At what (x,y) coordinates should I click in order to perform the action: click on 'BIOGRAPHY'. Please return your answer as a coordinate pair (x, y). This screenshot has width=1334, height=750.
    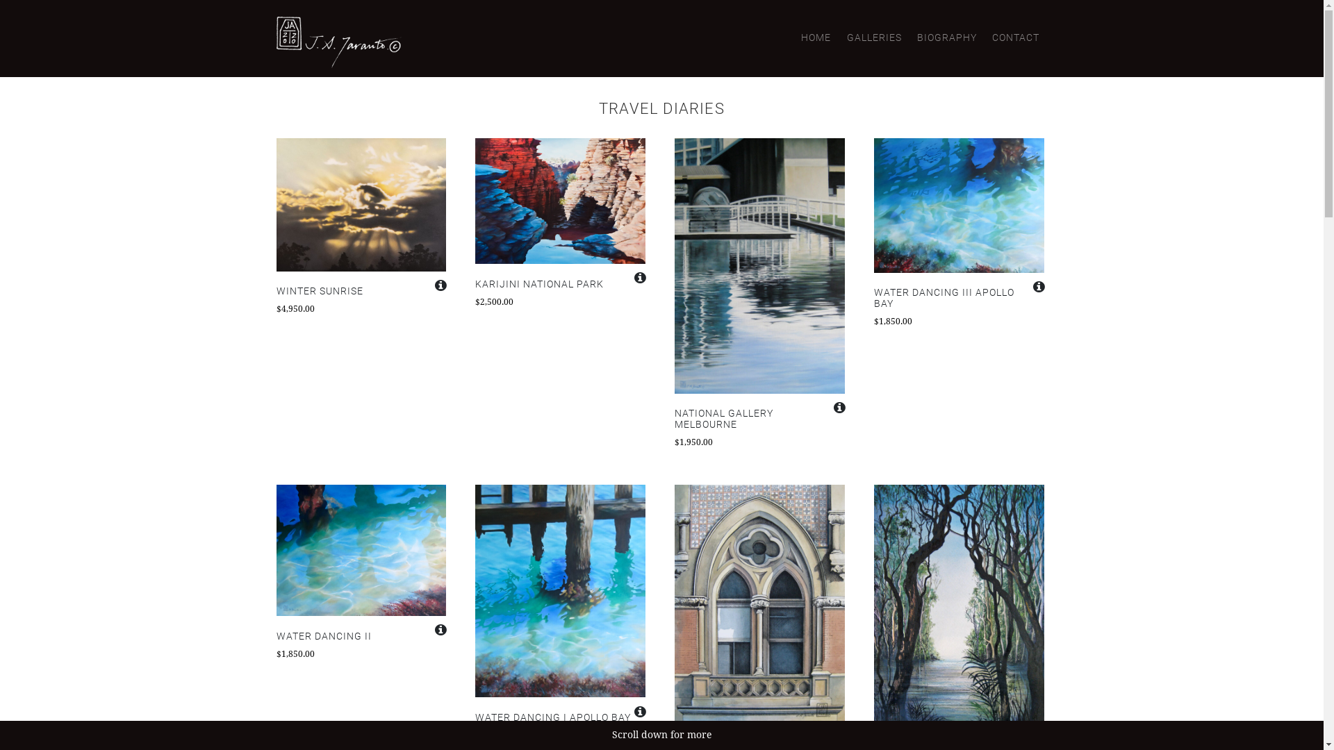
    Looking at the image, I should click on (946, 37).